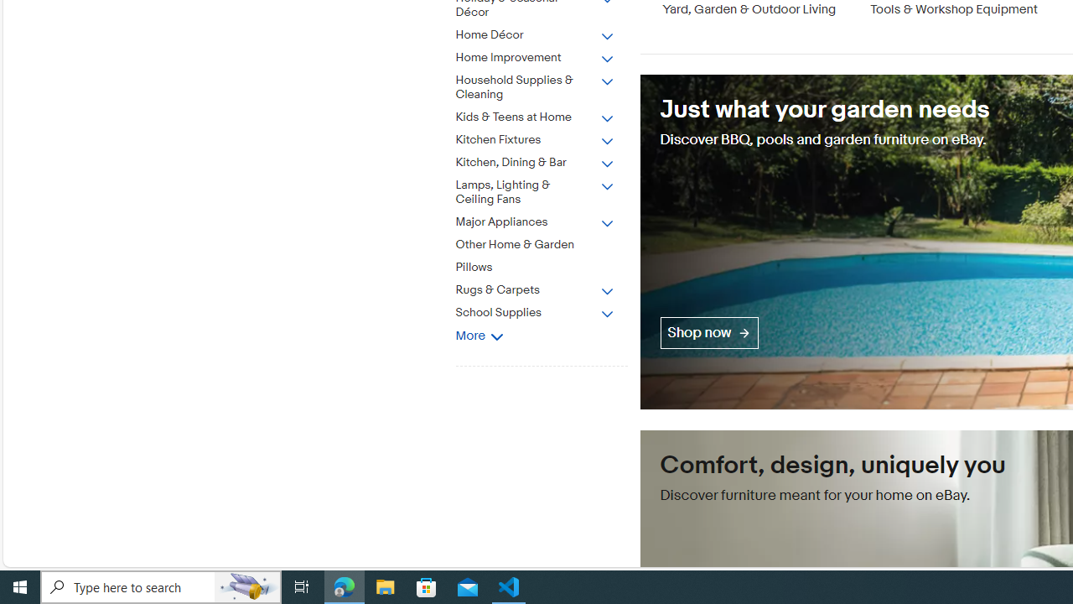 The width and height of the screenshot is (1073, 604). Describe the element at coordinates (547, 310) in the screenshot. I see `'School Supplies'` at that location.